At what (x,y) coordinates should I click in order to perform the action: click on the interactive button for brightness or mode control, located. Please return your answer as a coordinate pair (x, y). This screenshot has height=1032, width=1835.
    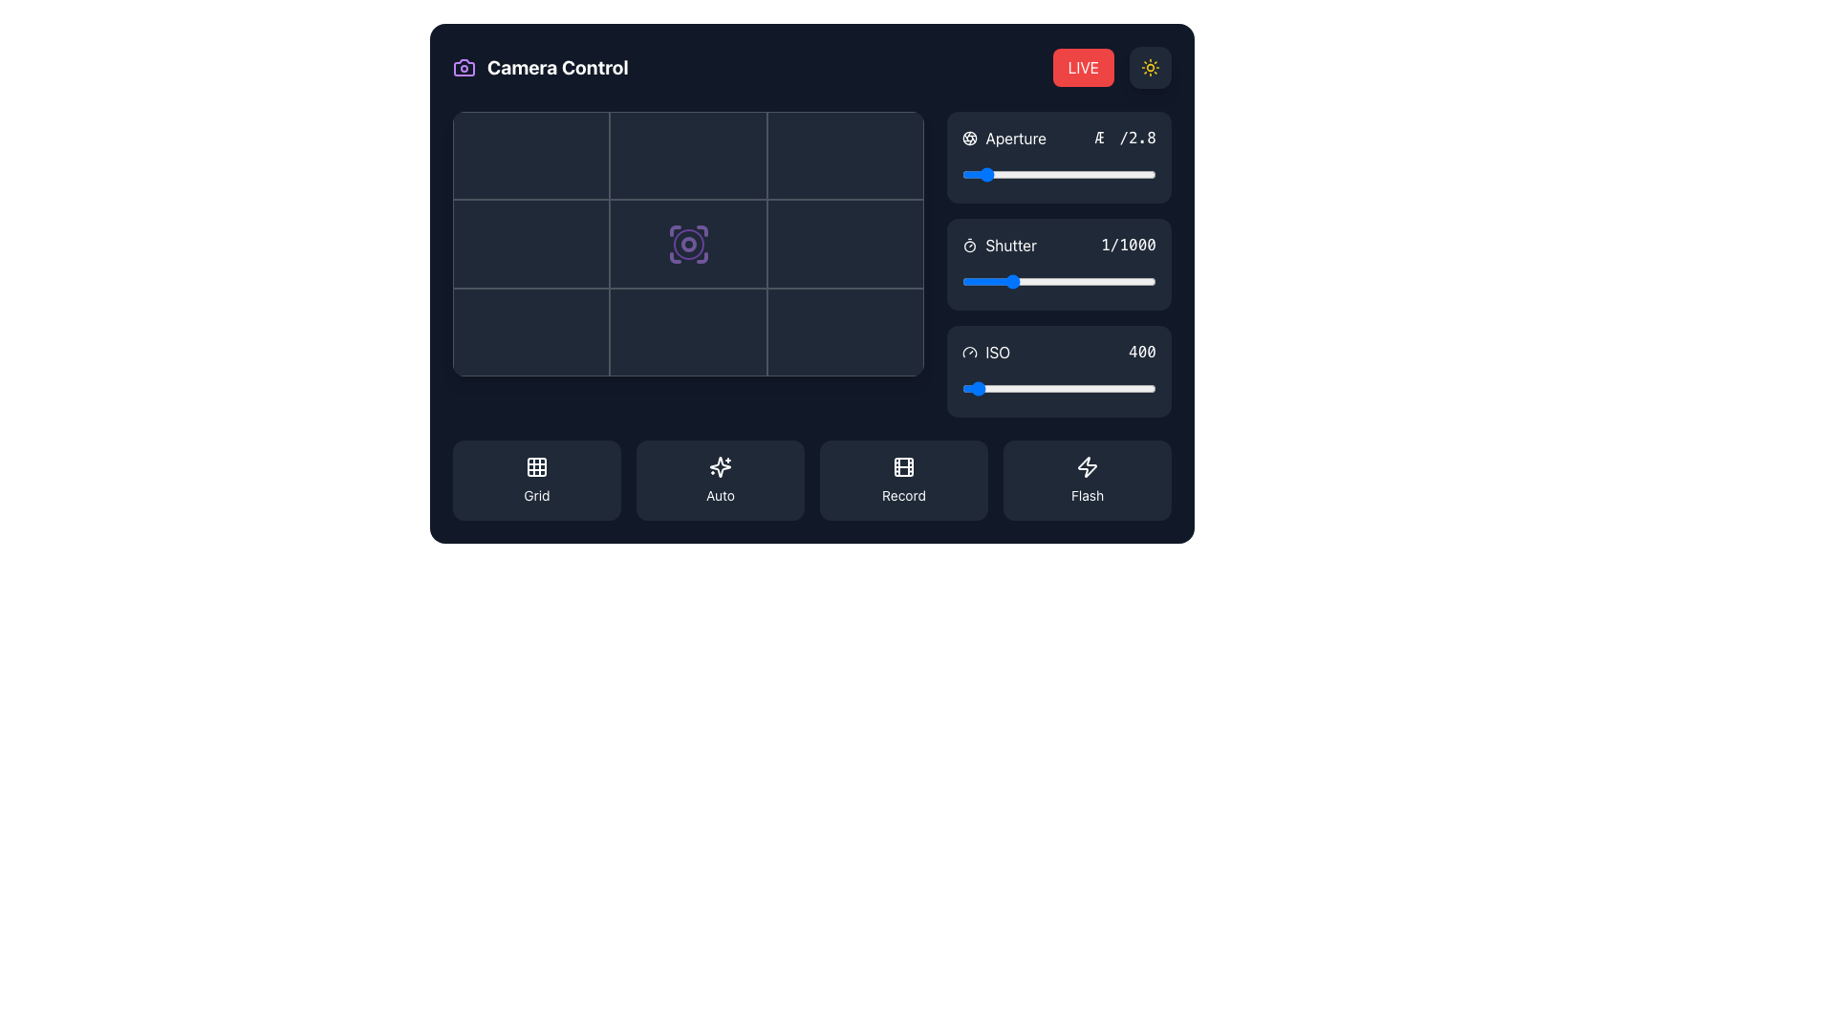
    Looking at the image, I should click on (1150, 66).